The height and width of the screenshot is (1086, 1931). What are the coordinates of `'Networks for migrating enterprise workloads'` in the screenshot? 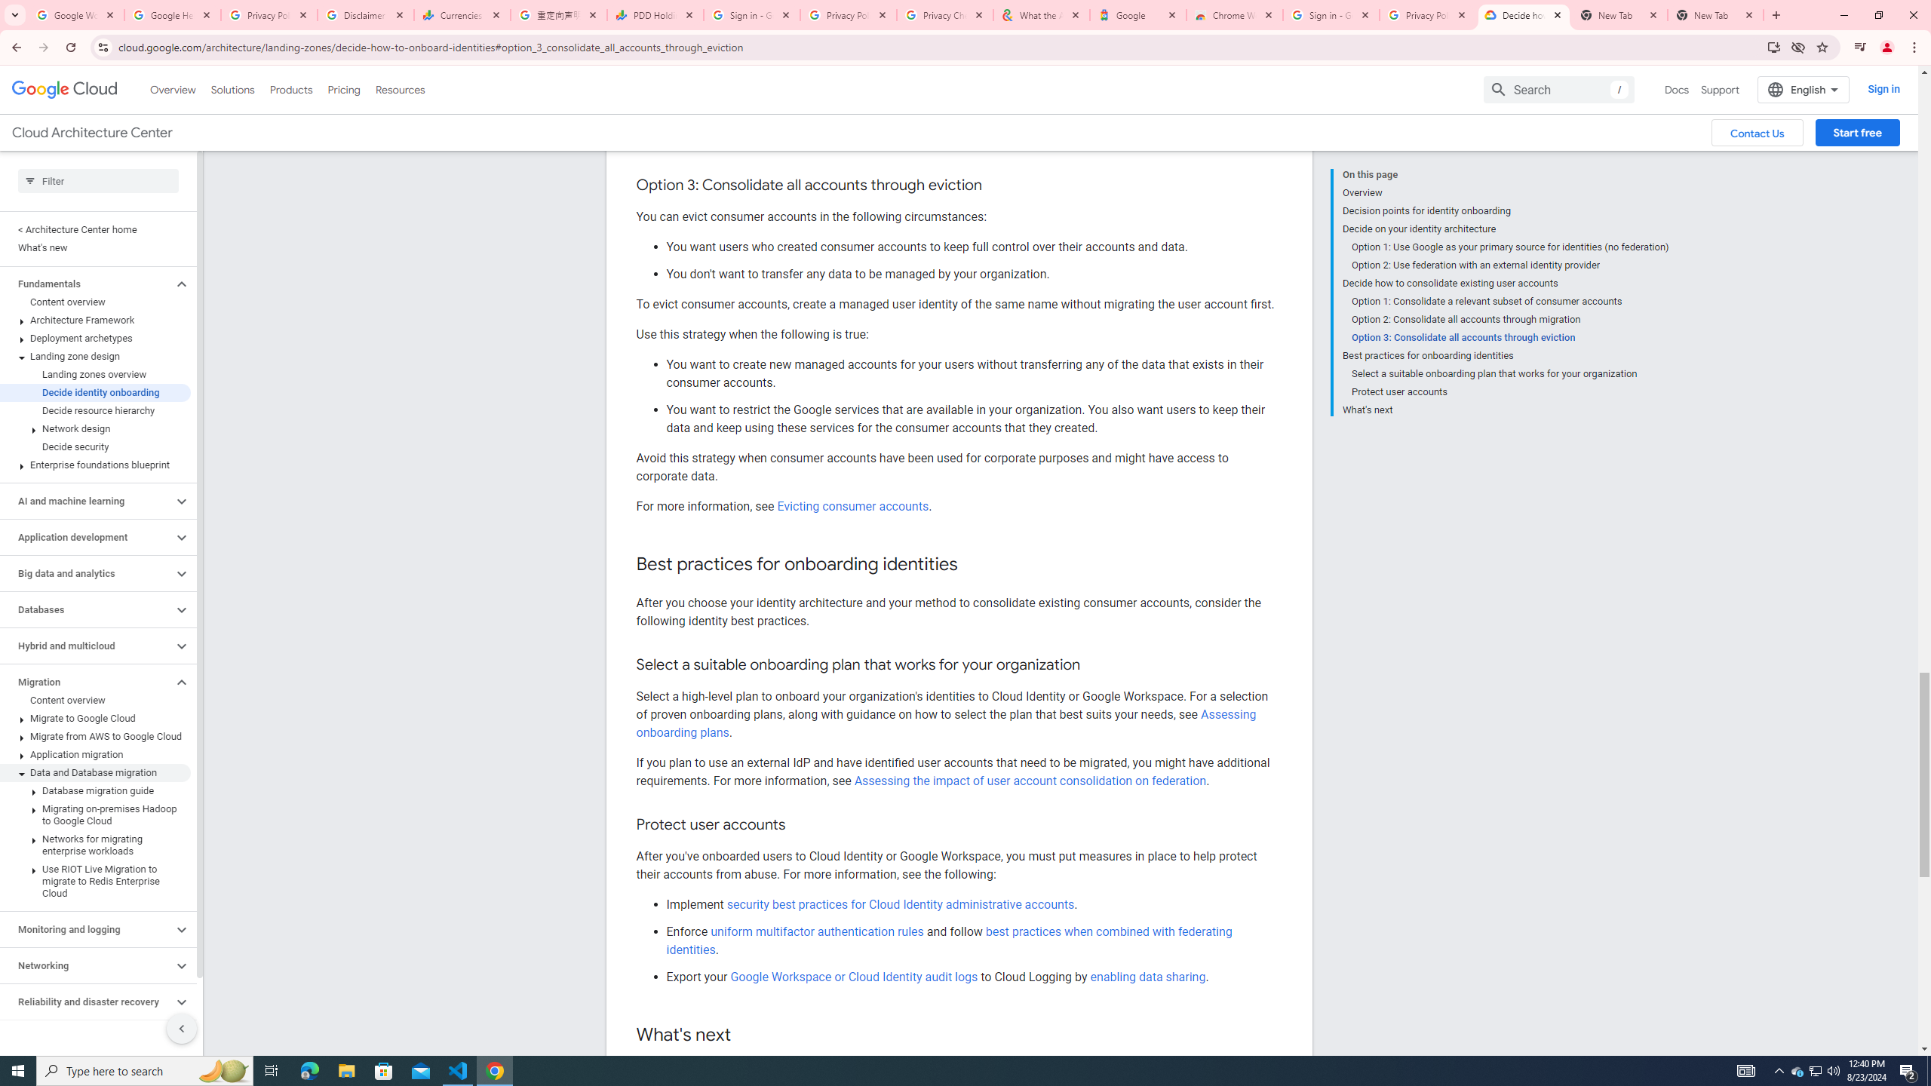 It's located at (95, 845).